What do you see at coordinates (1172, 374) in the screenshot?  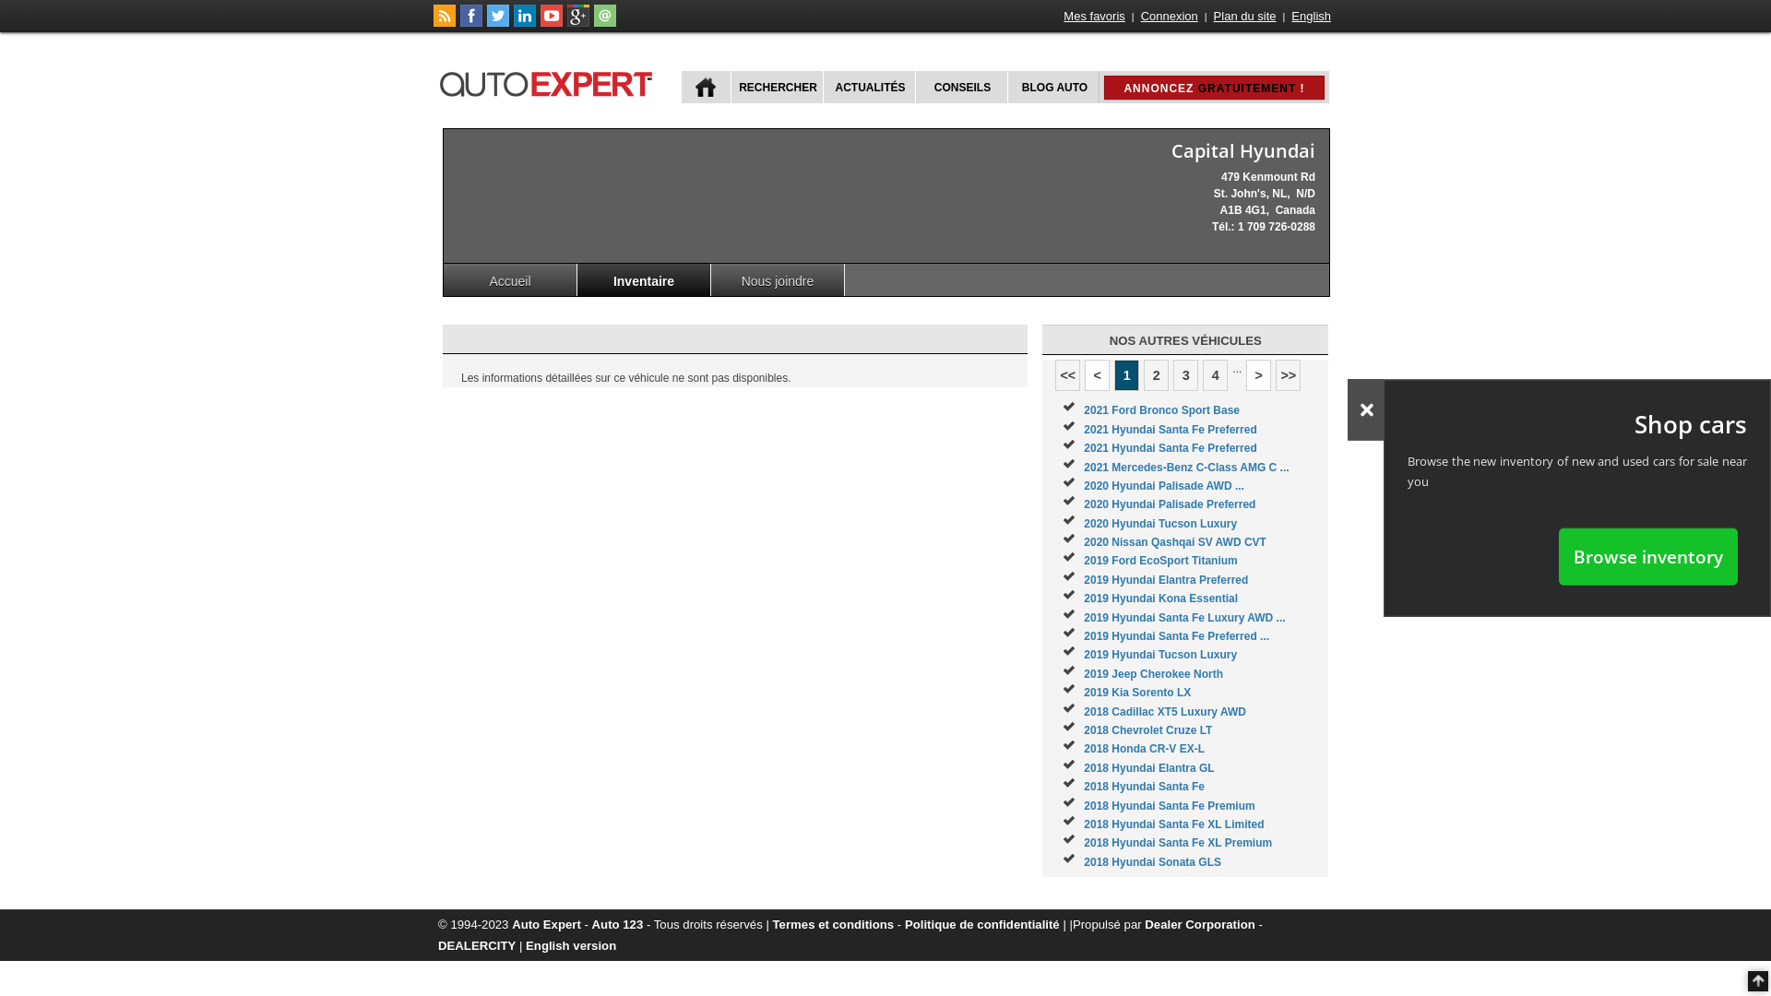 I see `'3'` at bounding box center [1172, 374].